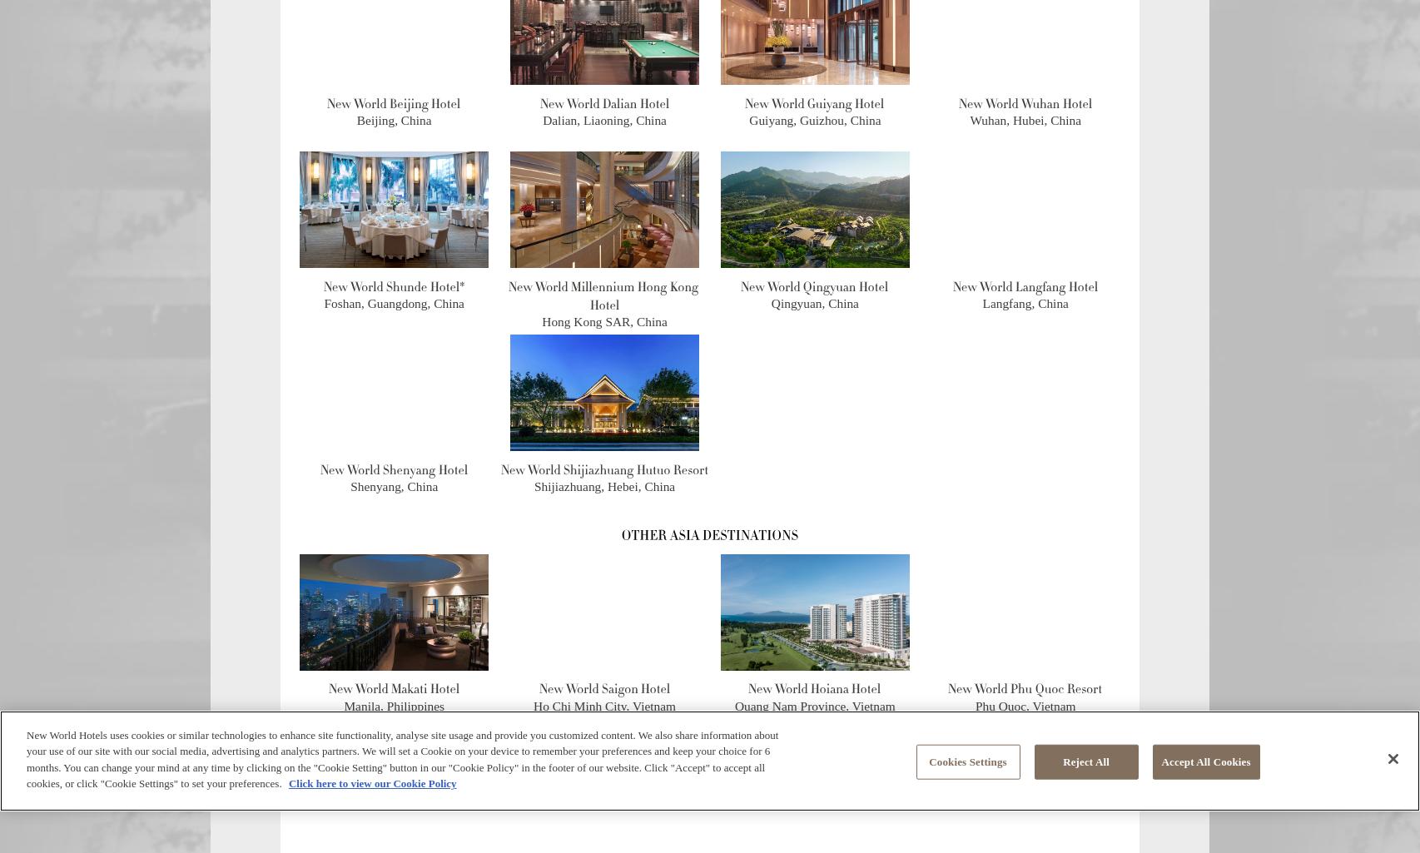 The image size is (1420, 853). What do you see at coordinates (771, 302) in the screenshot?
I see `'Qingyuan, China'` at bounding box center [771, 302].